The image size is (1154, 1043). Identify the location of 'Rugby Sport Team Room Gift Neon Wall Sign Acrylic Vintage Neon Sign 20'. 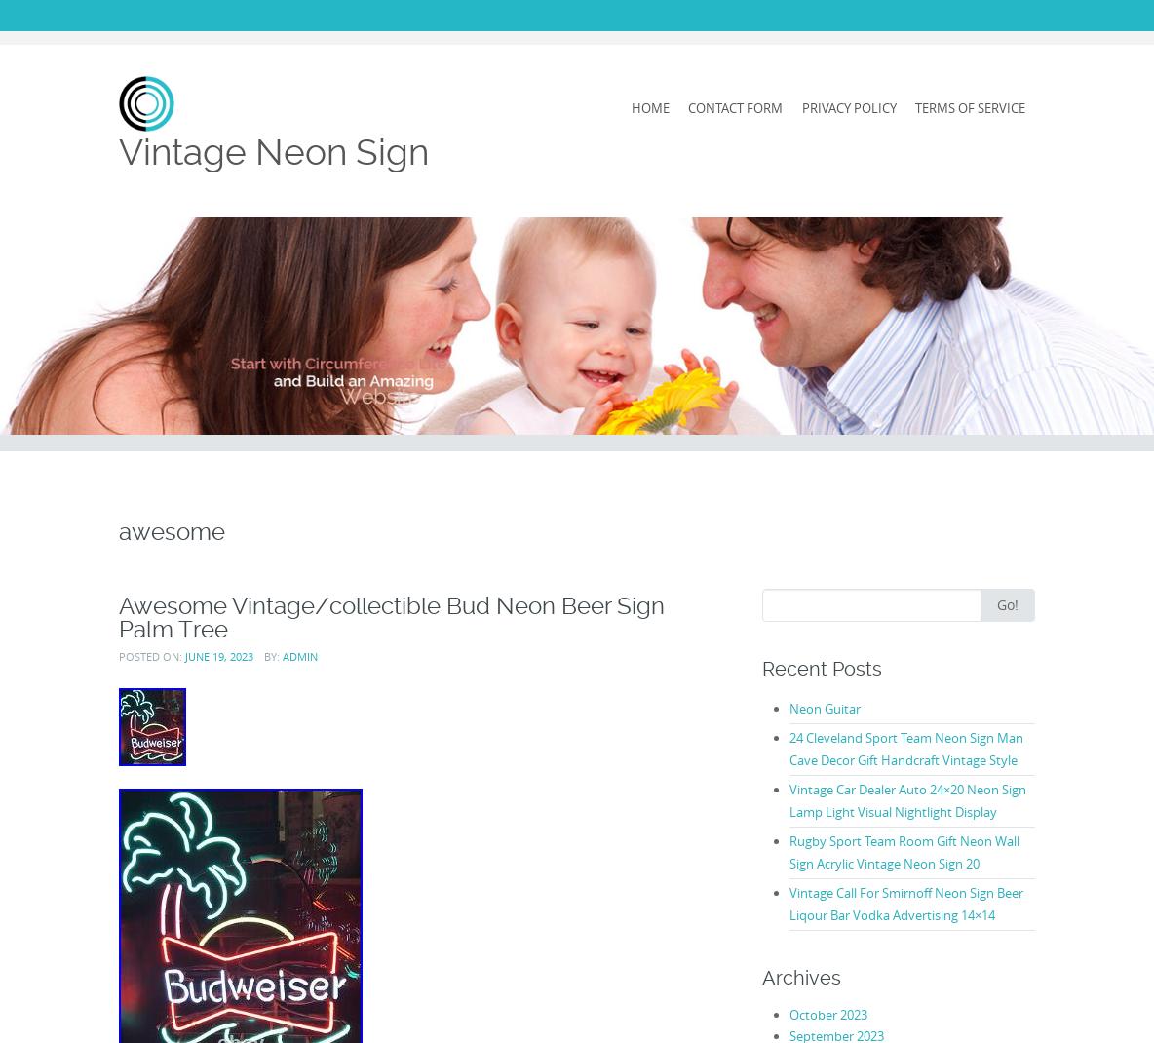
(902, 851).